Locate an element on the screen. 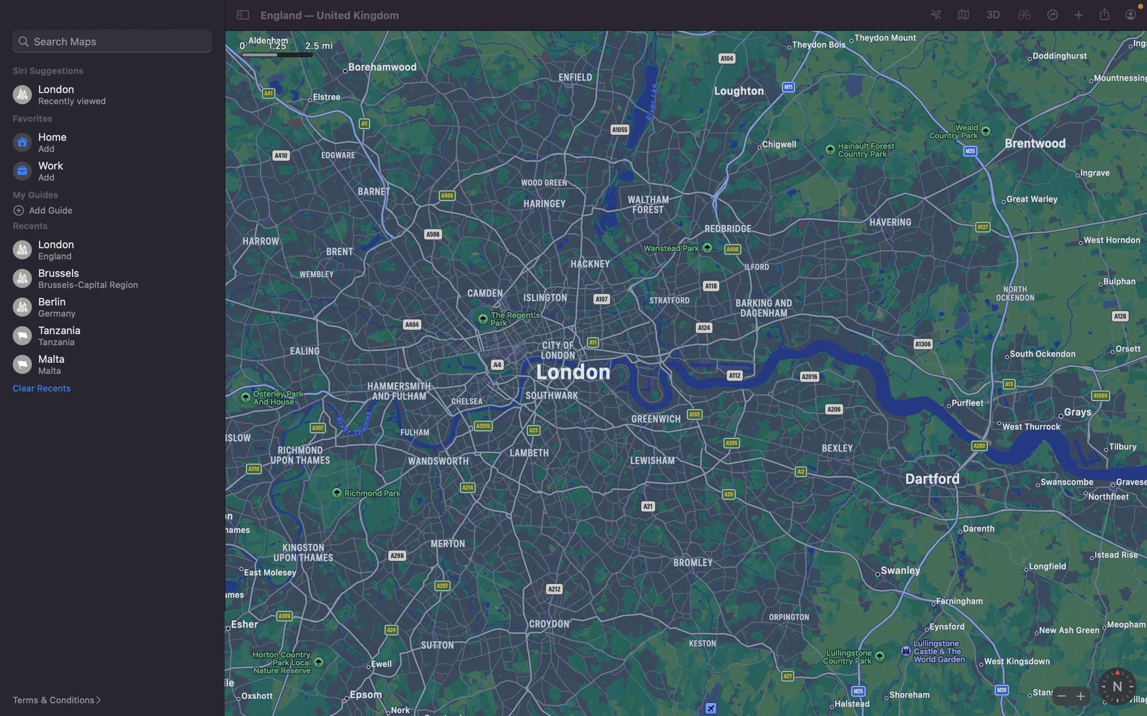 The height and width of the screenshot is (716, 1147). Inspect the immediate surroundings on the current map is located at coordinates (1024, 15).